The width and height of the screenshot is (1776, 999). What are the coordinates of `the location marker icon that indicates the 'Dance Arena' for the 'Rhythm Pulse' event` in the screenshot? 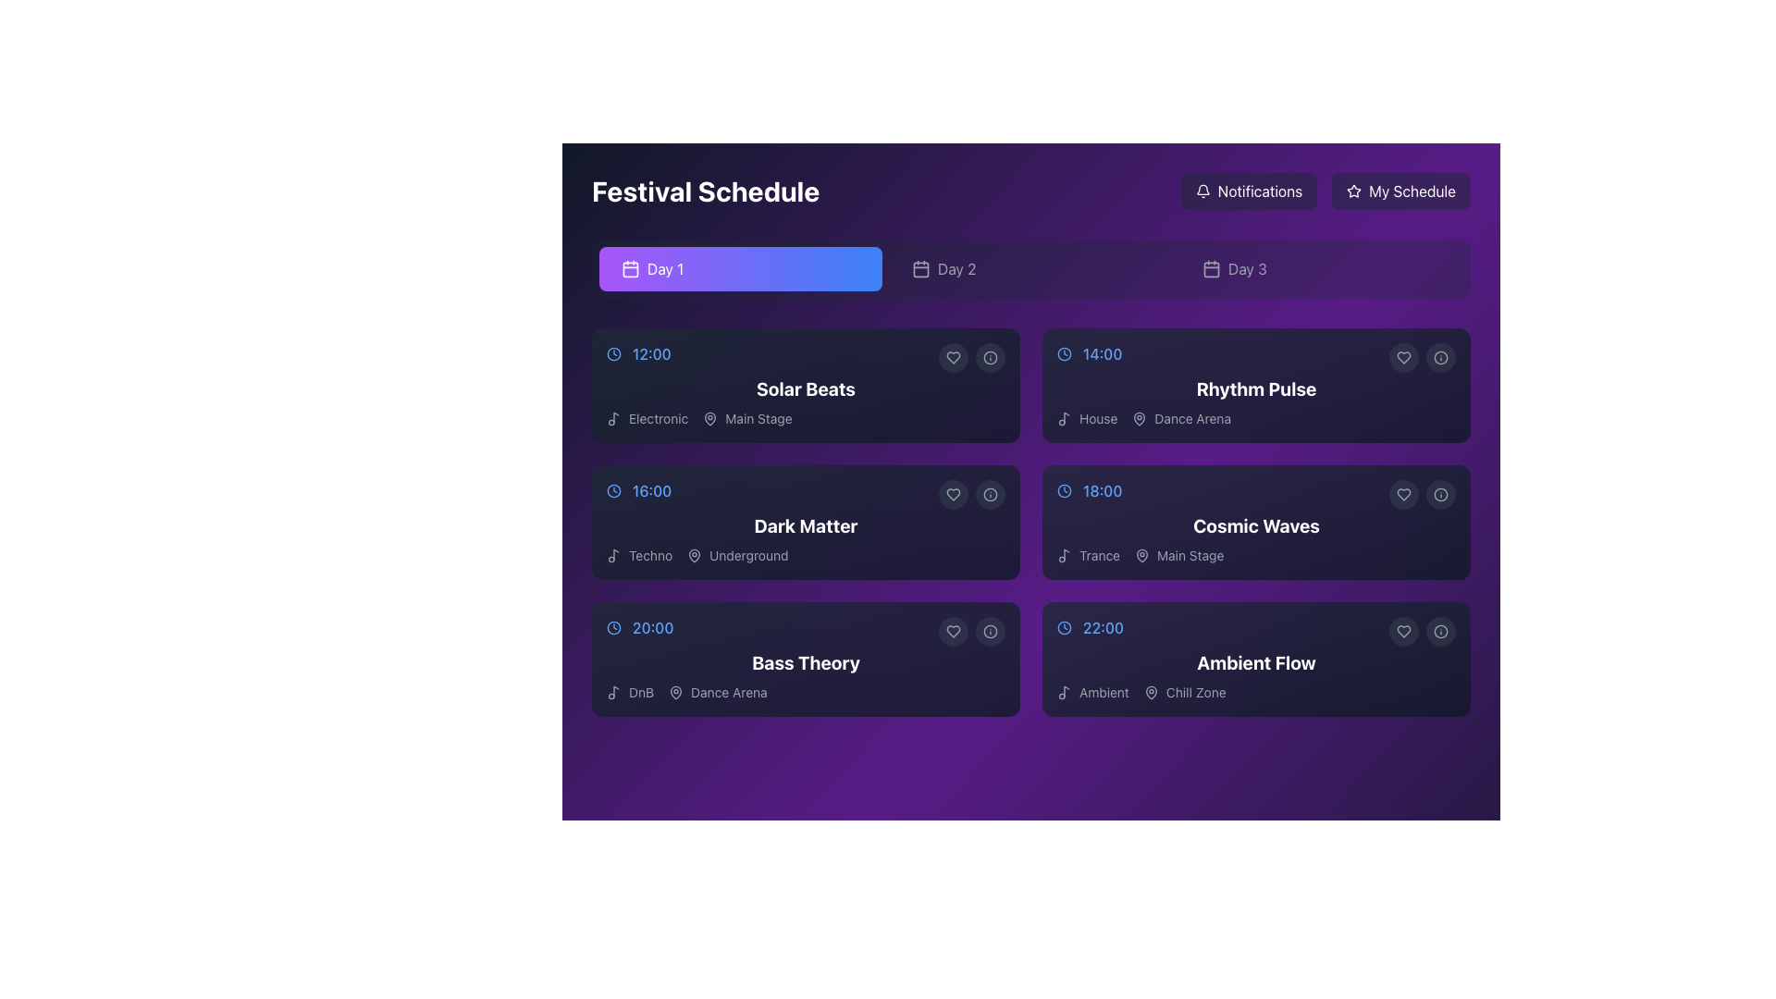 It's located at (1139, 418).